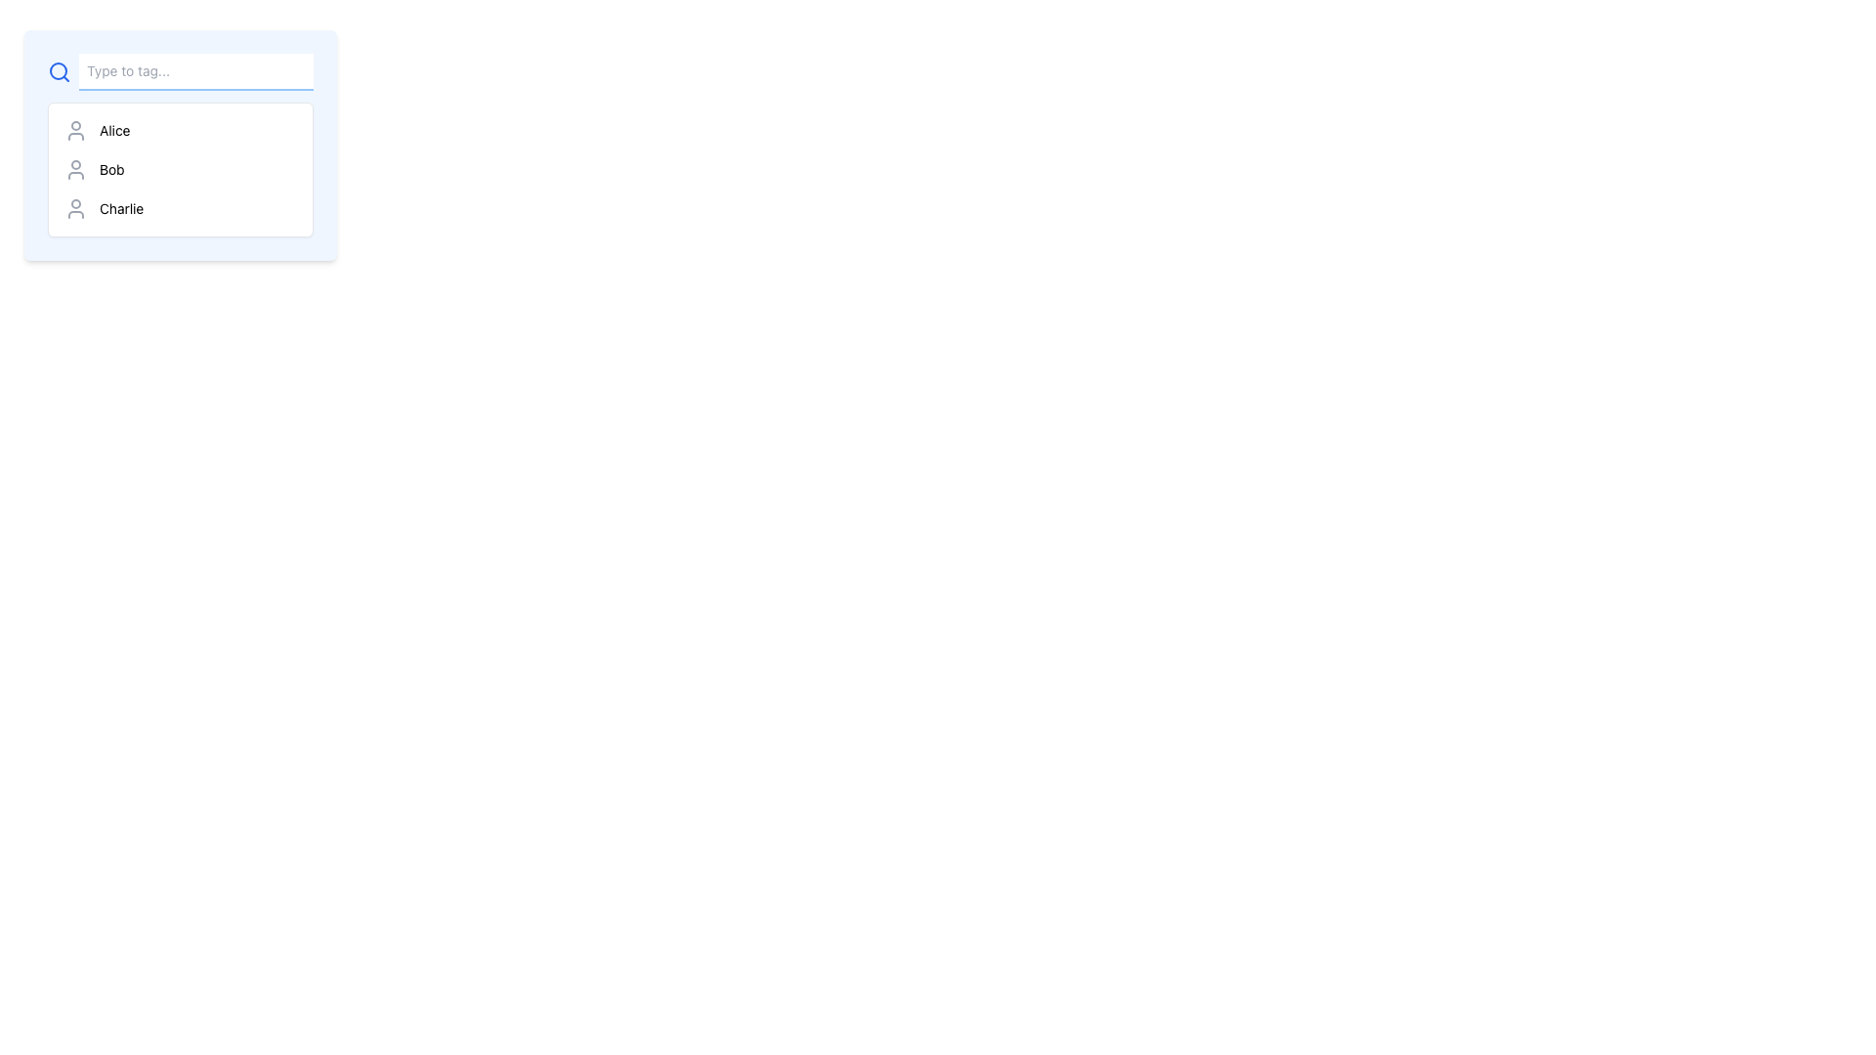 The height and width of the screenshot is (1055, 1876). Describe the element at coordinates (110, 168) in the screenshot. I see `the text label displaying the name 'Bob', which is located to the right of a user icon in the dropdown list below the tag search bar` at that location.